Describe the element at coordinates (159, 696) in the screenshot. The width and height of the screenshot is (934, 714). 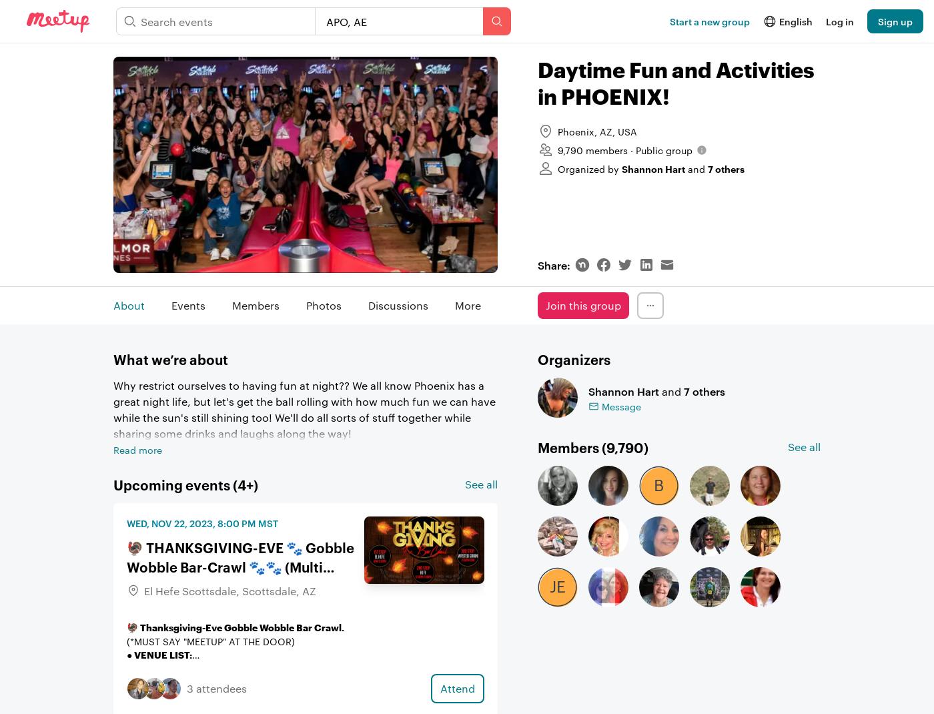
I see `'🔸️Dress Code:'` at that location.